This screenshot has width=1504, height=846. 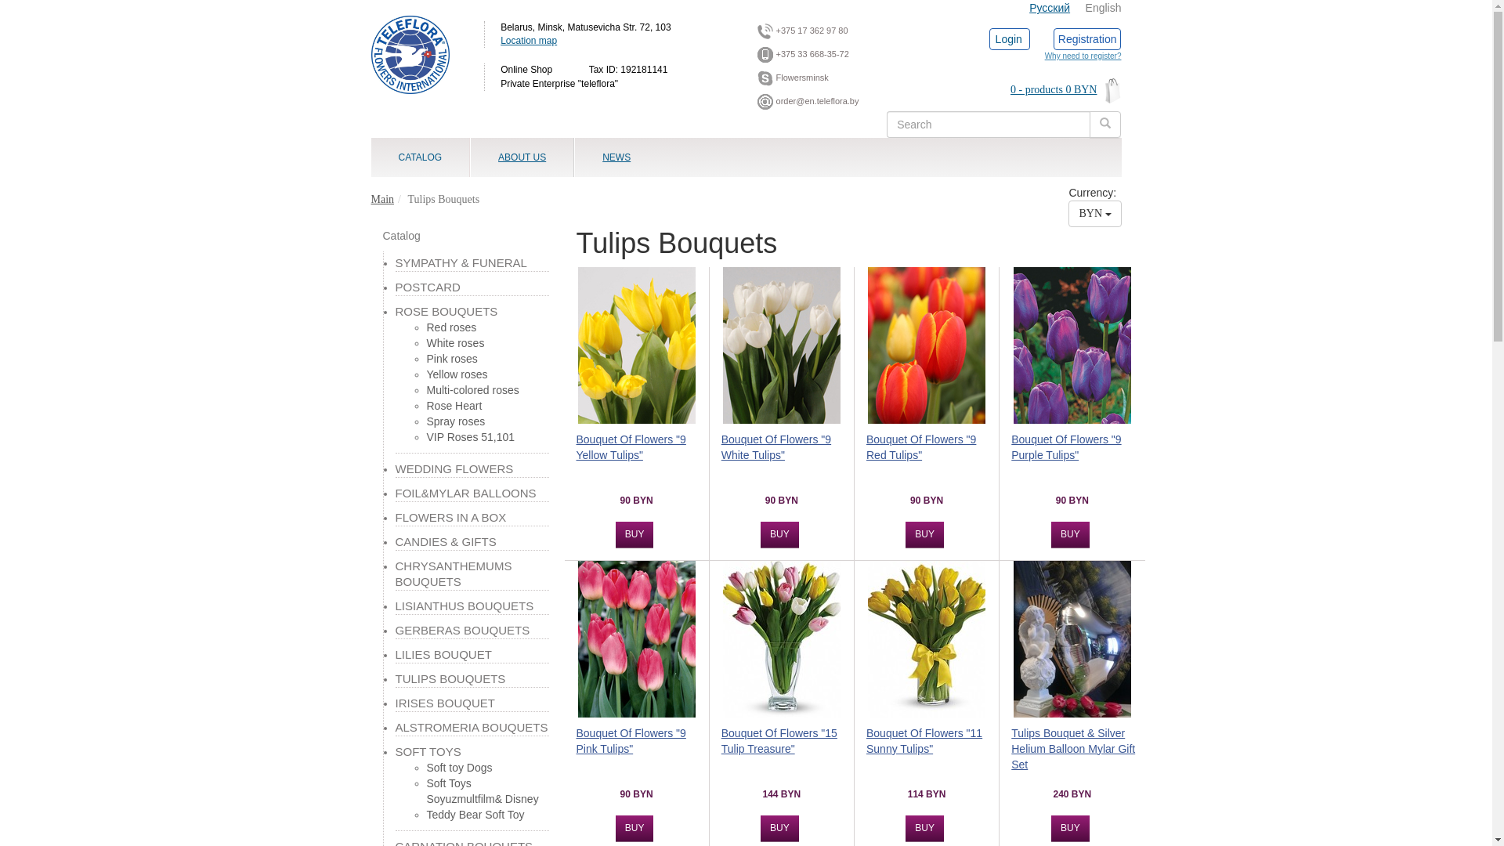 I want to click on 'Spray roses', so click(x=425, y=420).